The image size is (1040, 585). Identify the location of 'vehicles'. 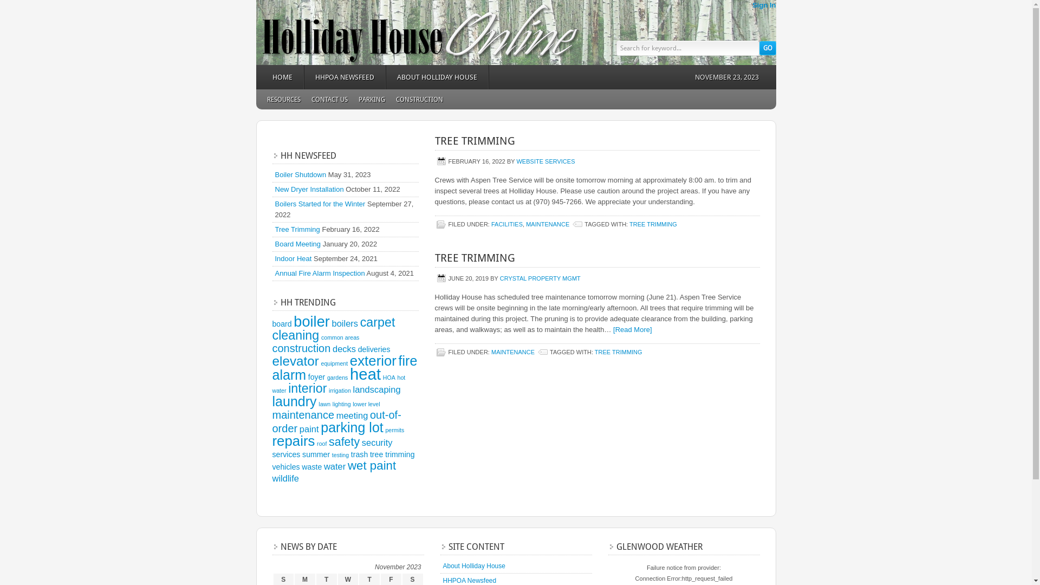
(272, 466).